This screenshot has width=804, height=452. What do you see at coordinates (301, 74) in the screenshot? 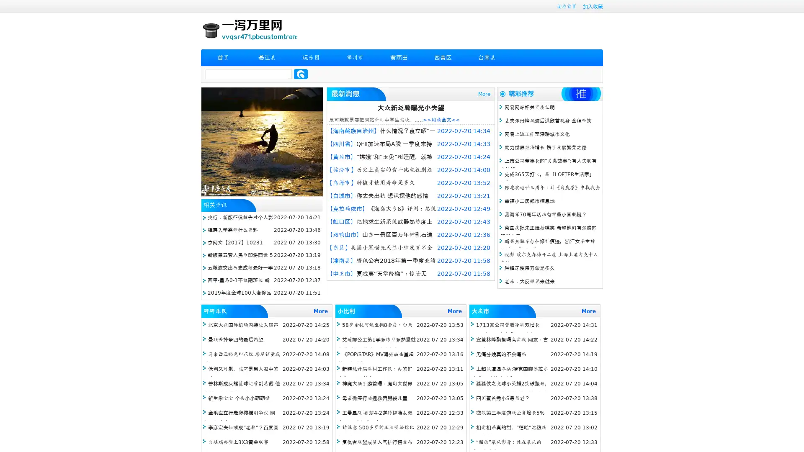
I see `Search` at bounding box center [301, 74].